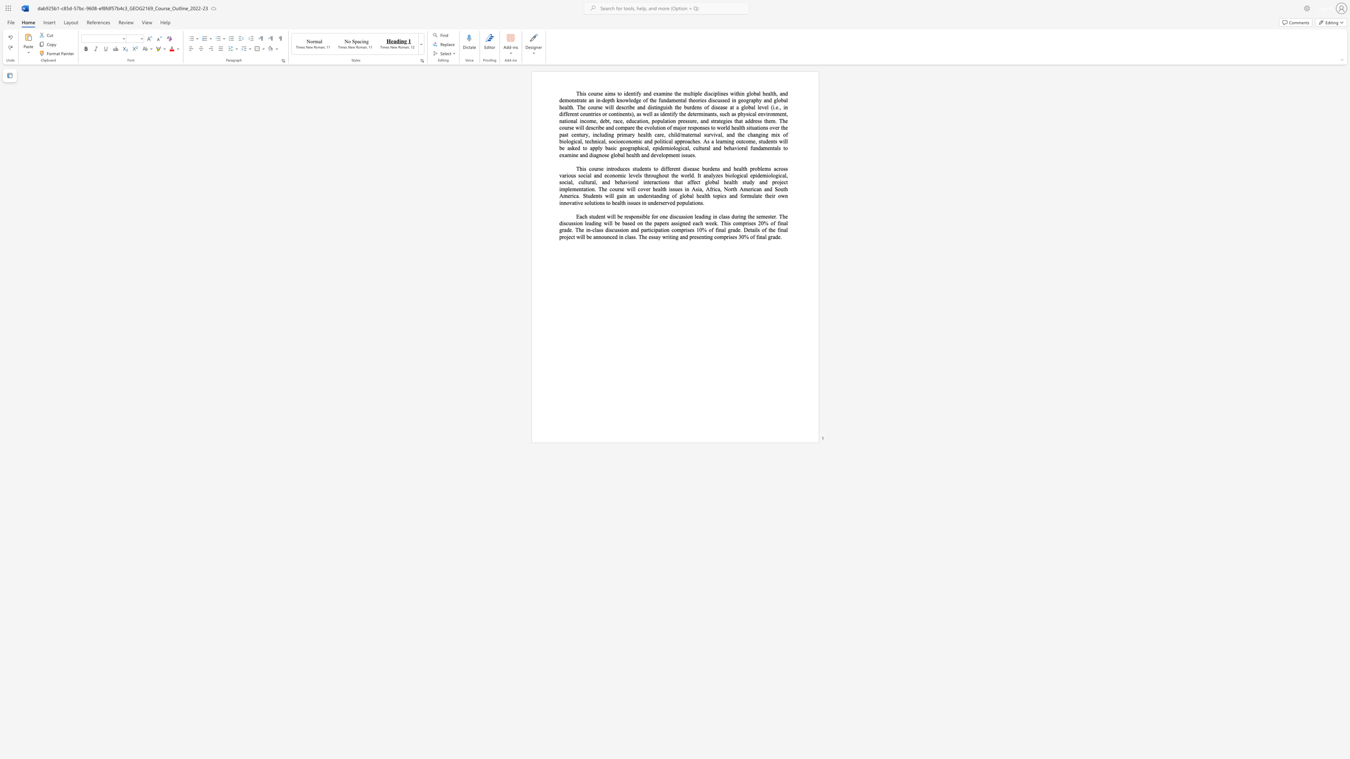  Describe the element at coordinates (742, 223) in the screenshot. I see `the subset text "prises 20% of final grade. The in-class discussion and participation comprise" within the text "Each student will be responsible for one discussion leading in class during the semester. The discussion leading will be based on the papers assigned each week. This comprises 20% of final grade. The in-class discussion and participation comprises 10% of final grade. Details"` at that location.